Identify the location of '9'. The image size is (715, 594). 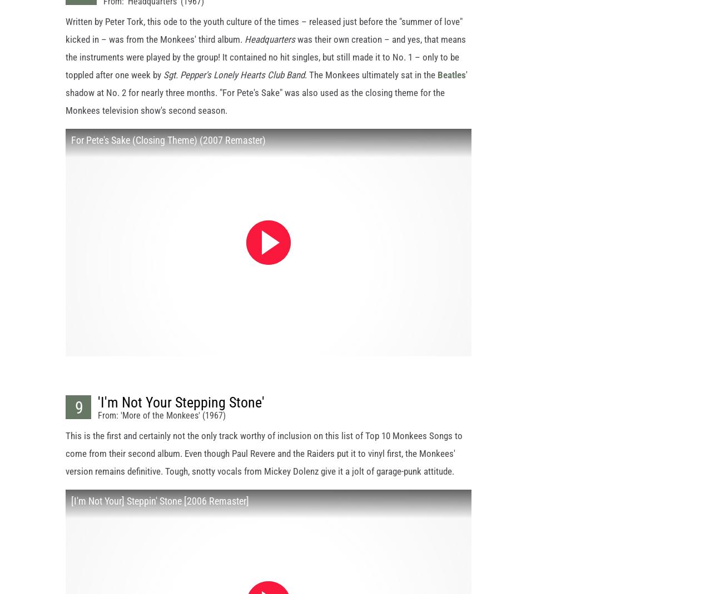
(78, 417).